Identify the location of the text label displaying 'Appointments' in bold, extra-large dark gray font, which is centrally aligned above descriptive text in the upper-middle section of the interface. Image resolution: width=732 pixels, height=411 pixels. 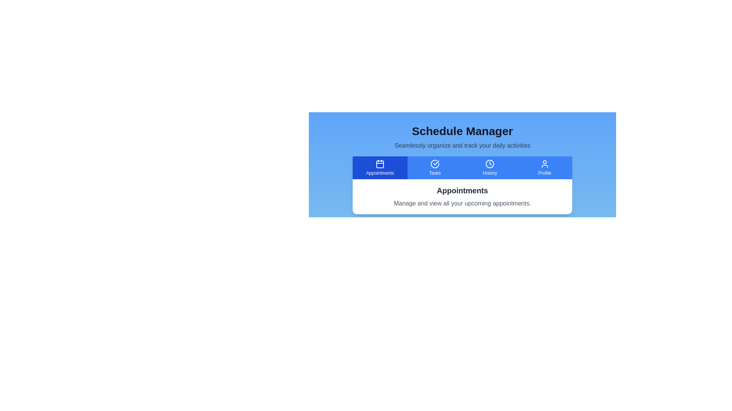
(462, 190).